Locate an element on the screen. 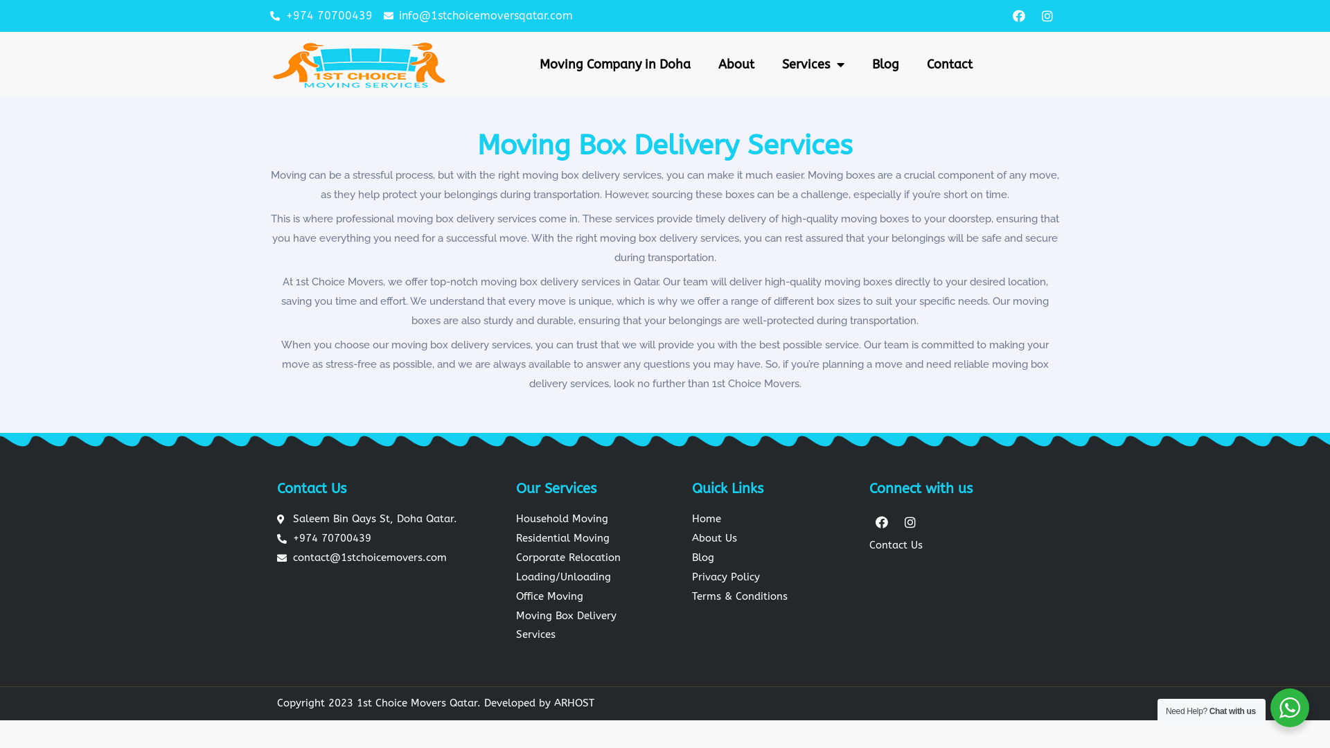 This screenshot has width=1330, height=748. 'Privacy Policy' is located at coordinates (773, 577).